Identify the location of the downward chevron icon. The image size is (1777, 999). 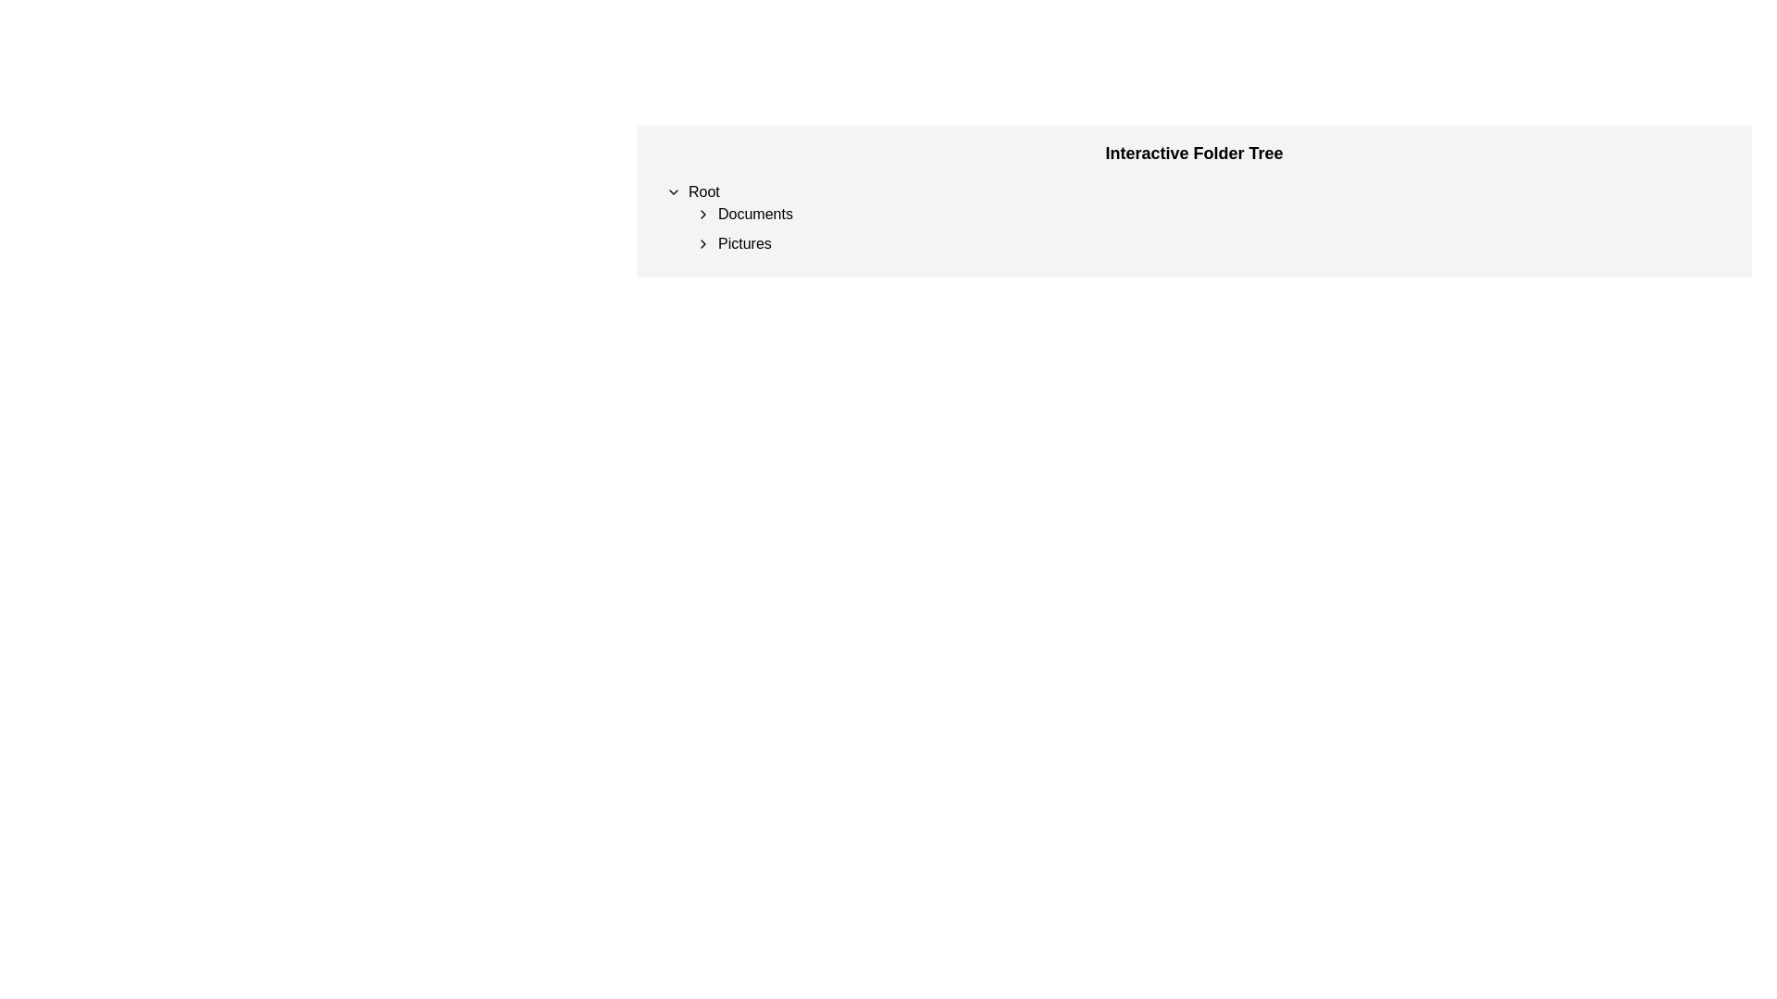
(673, 192).